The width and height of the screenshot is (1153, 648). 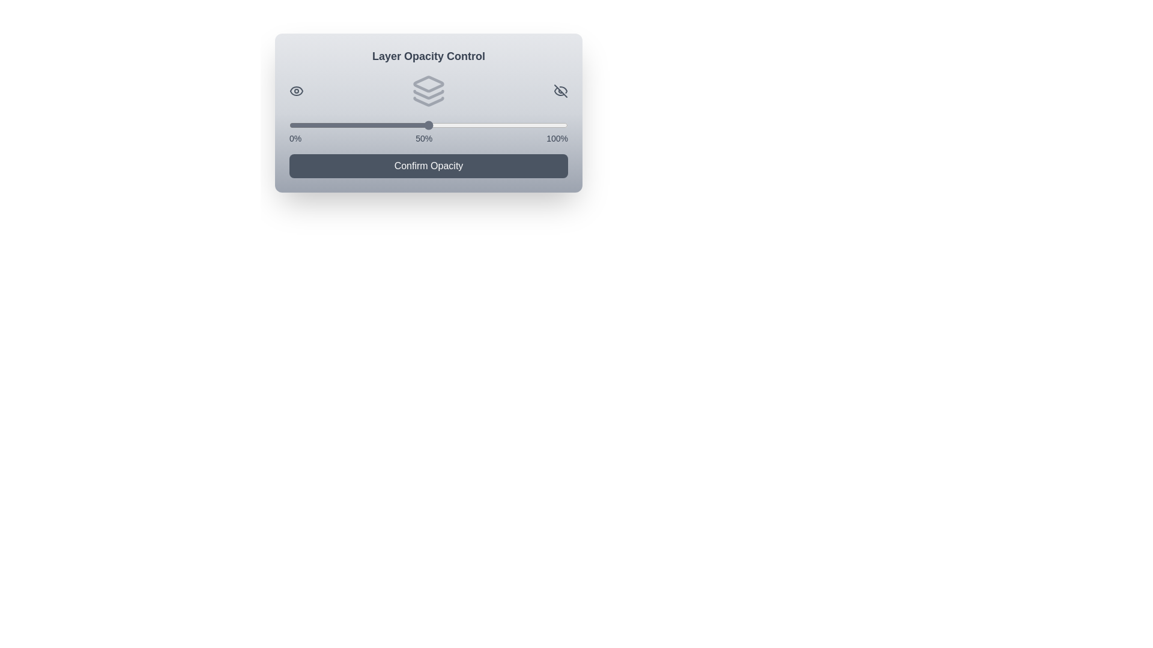 I want to click on the 'Confirm Opacity' button to confirm the opacity setting, so click(x=429, y=166).